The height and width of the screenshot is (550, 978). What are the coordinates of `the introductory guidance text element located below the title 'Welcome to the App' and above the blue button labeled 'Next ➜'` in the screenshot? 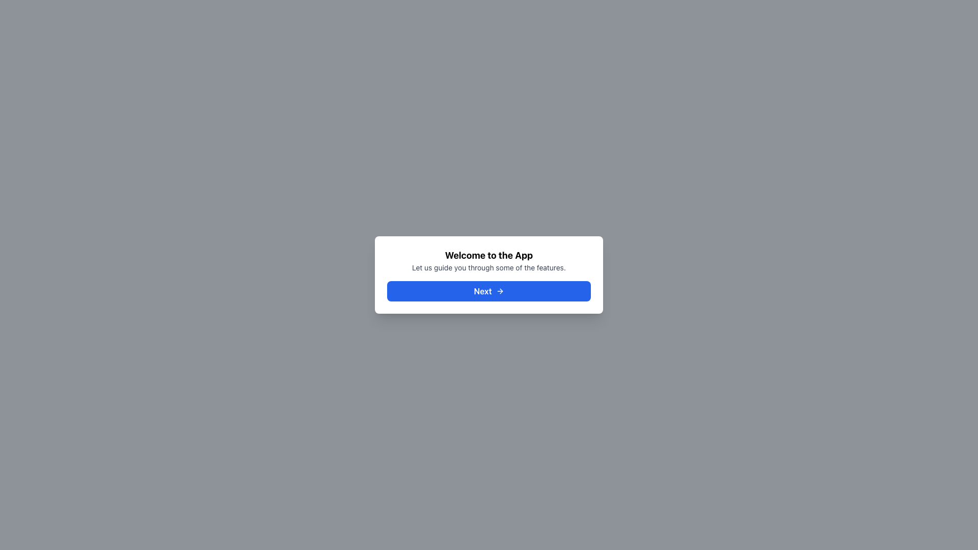 It's located at (489, 267).